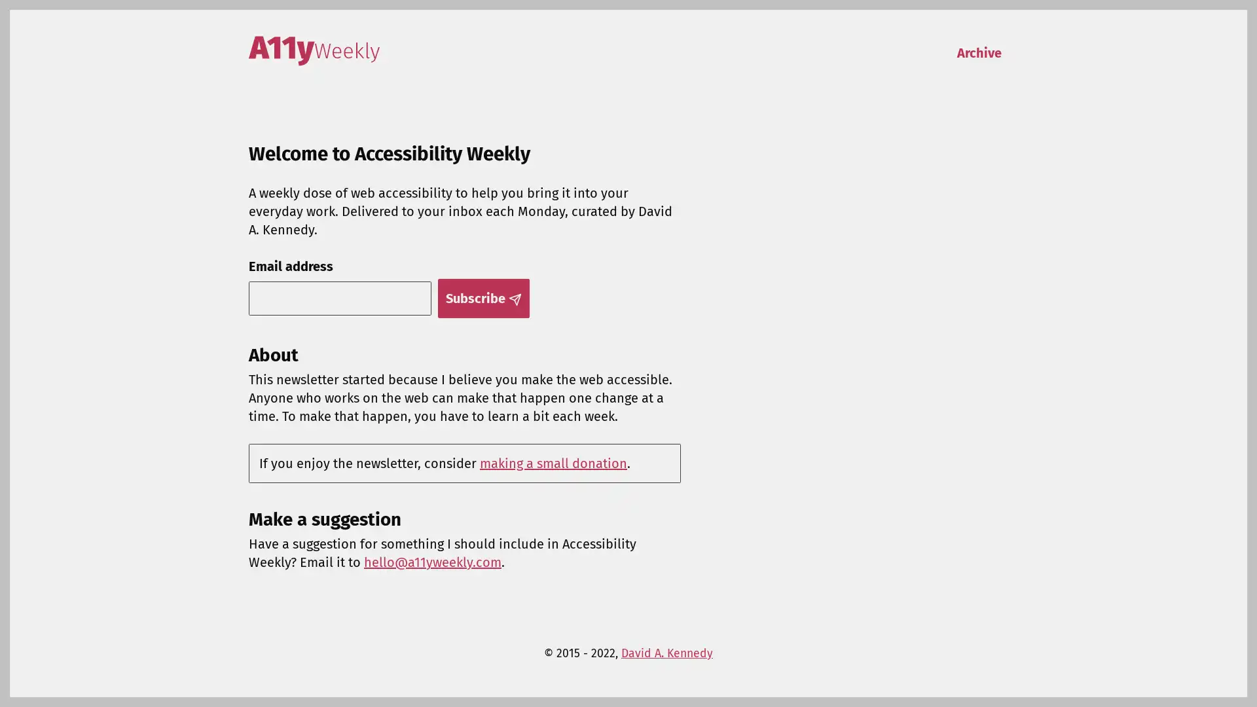 The height and width of the screenshot is (707, 1257). I want to click on Subscribe, so click(483, 298).